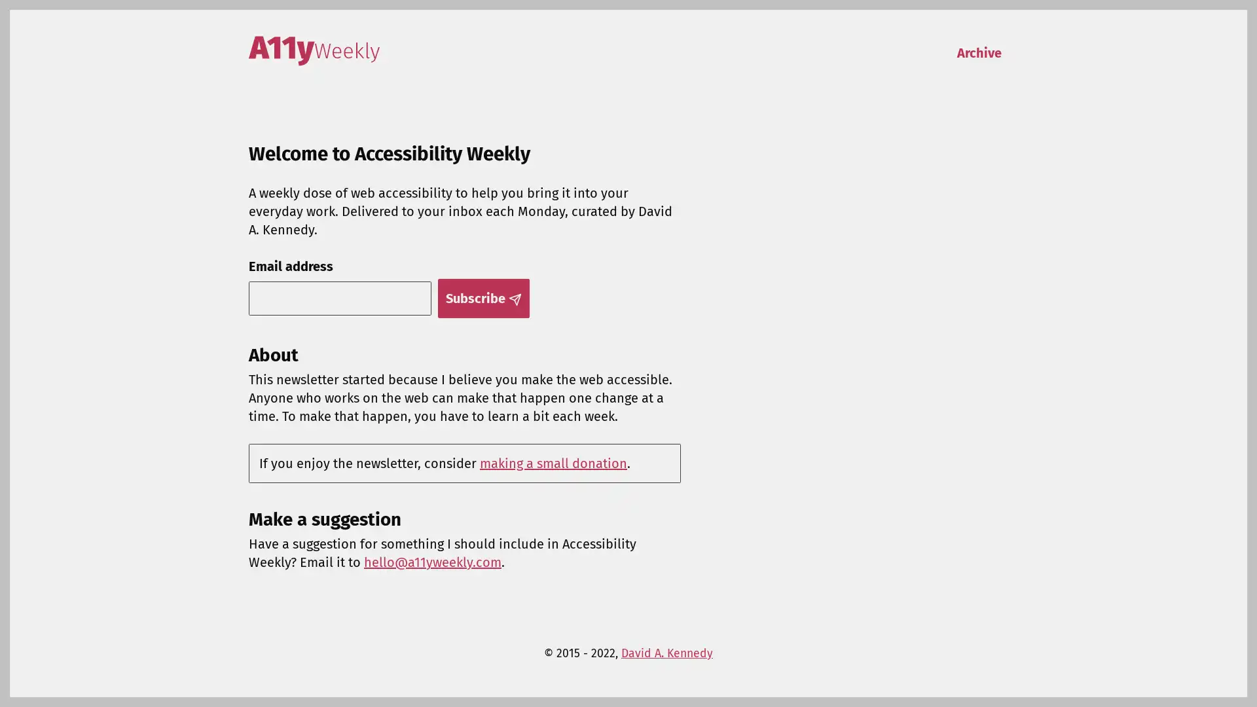 The height and width of the screenshot is (707, 1257). I want to click on Subscribe, so click(483, 298).